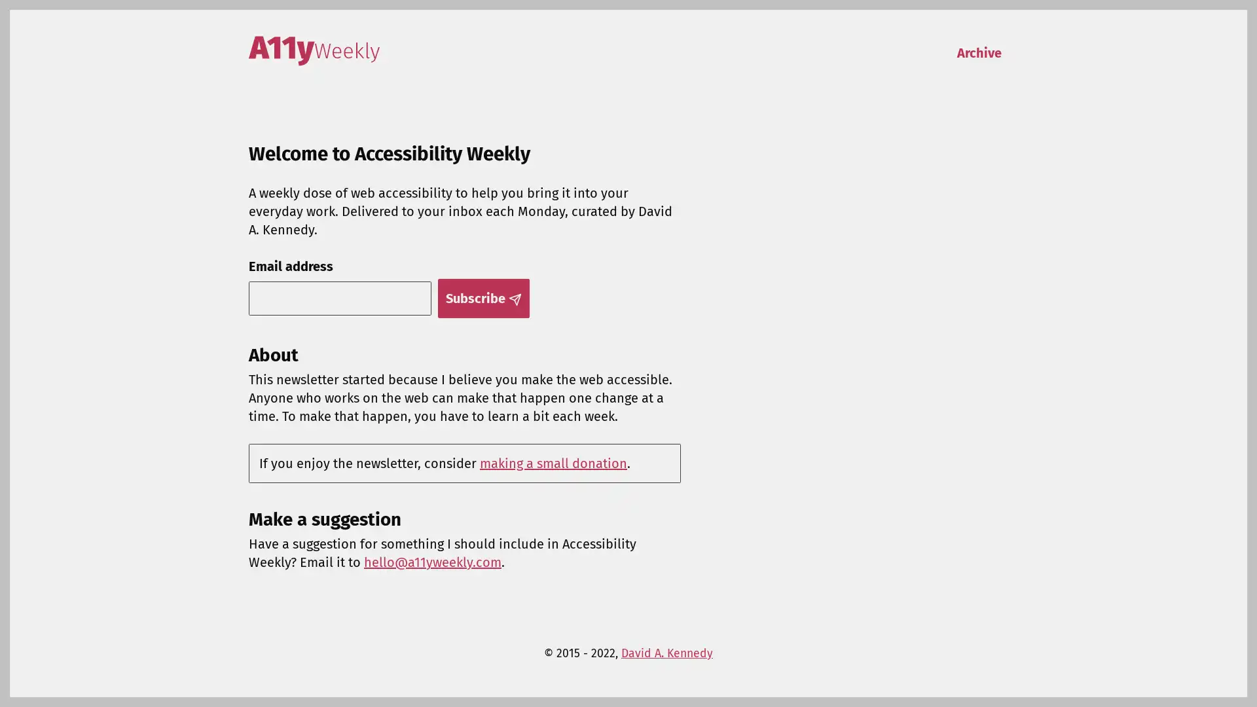 The height and width of the screenshot is (707, 1257). I want to click on Subscribe, so click(483, 298).